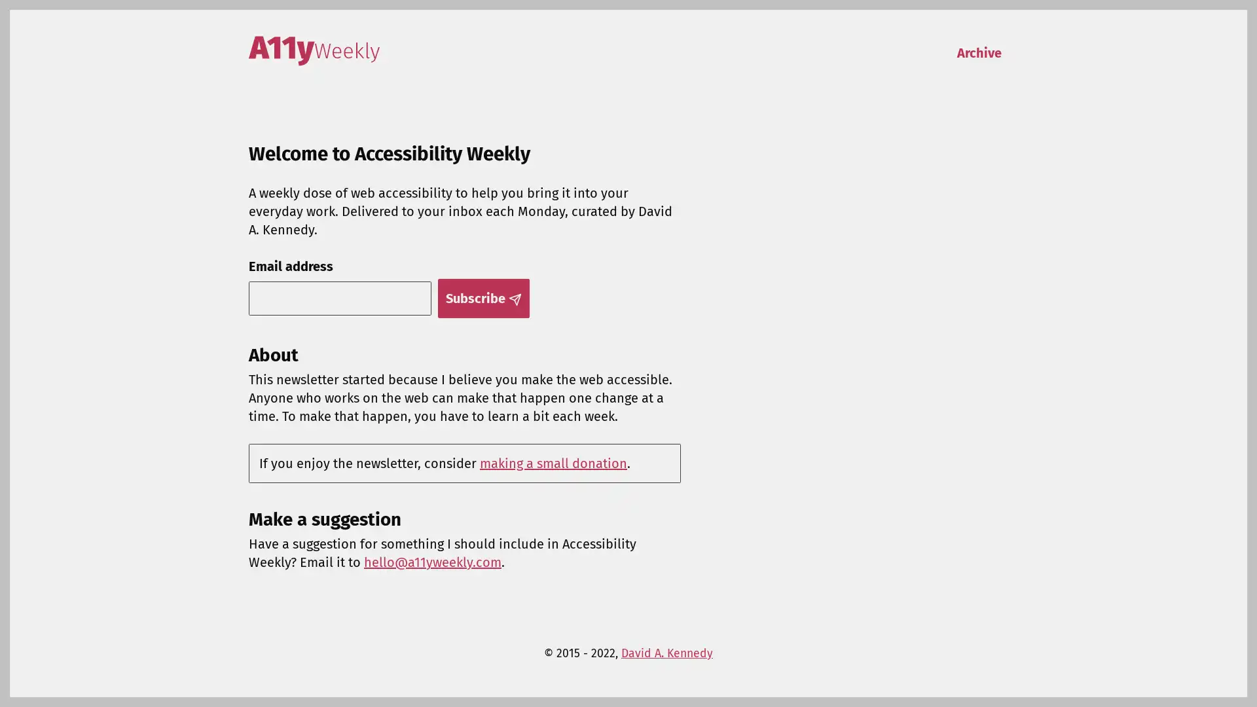 The height and width of the screenshot is (707, 1257). I want to click on Subscribe, so click(483, 298).